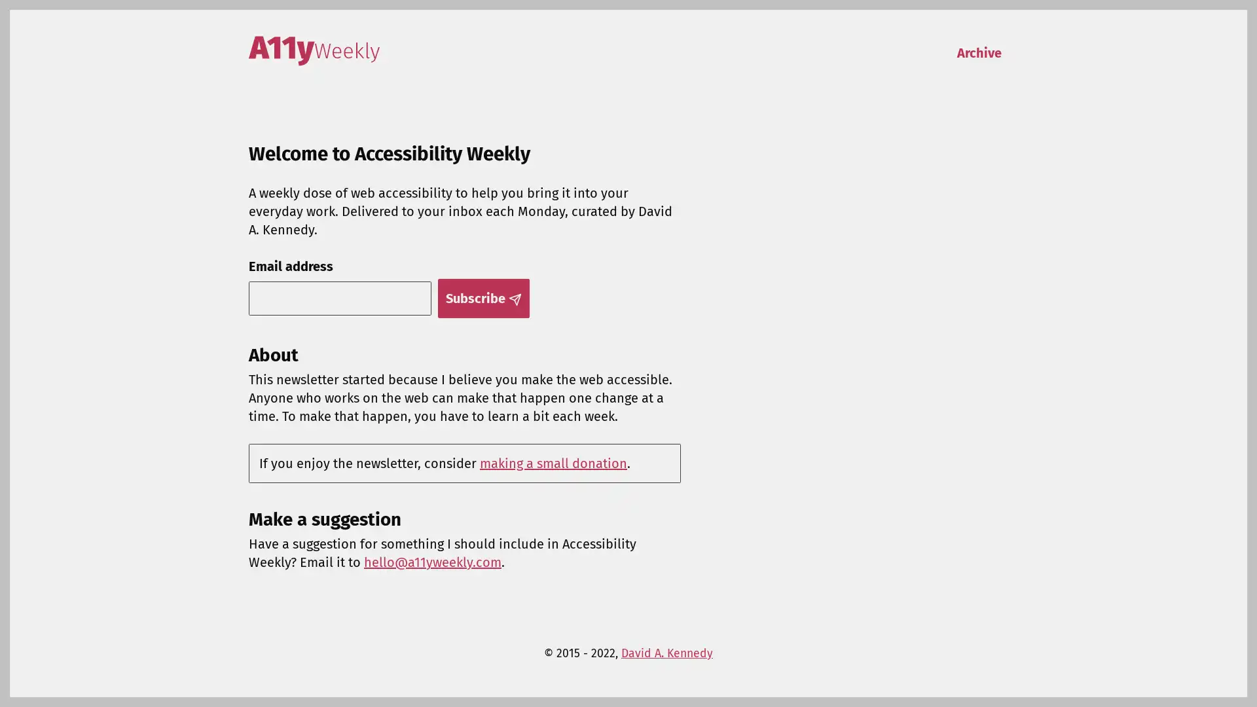 The height and width of the screenshot is (707, 1257). I want to click on Subscribe, so click(483, 298).